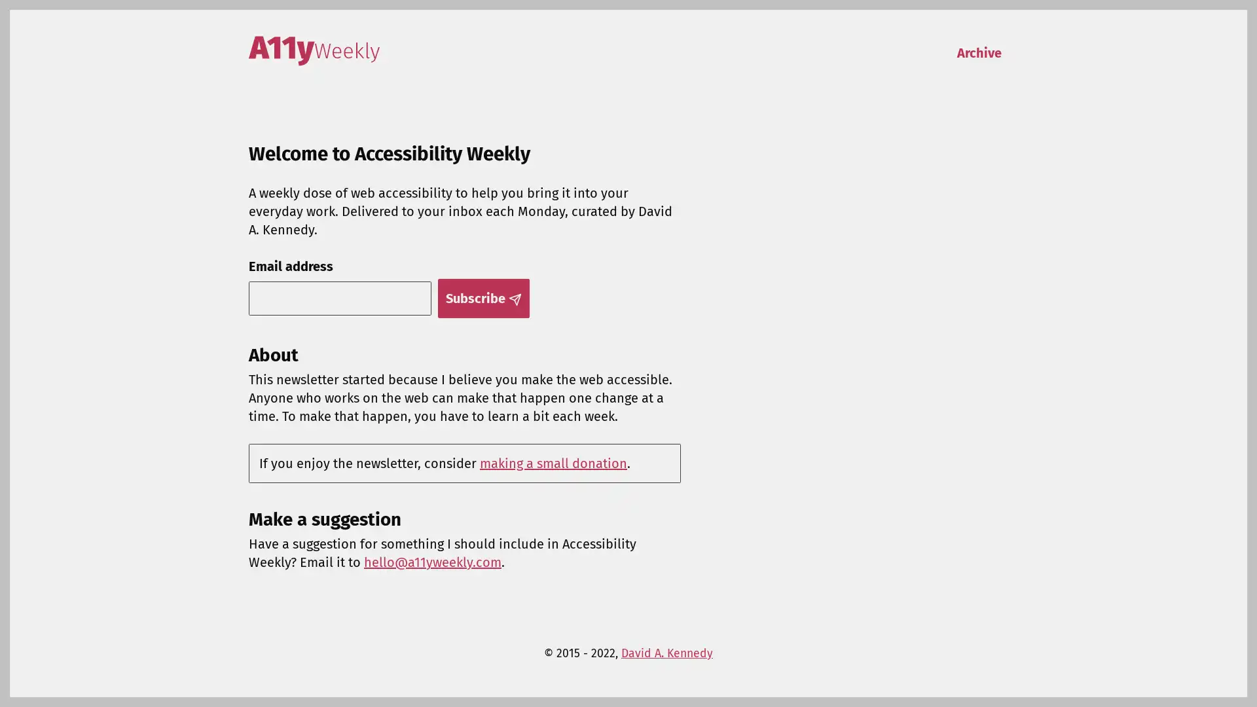 The height and width of the screenshot is (707, 1257). I want to click on Subscribe, so click(483, 298).